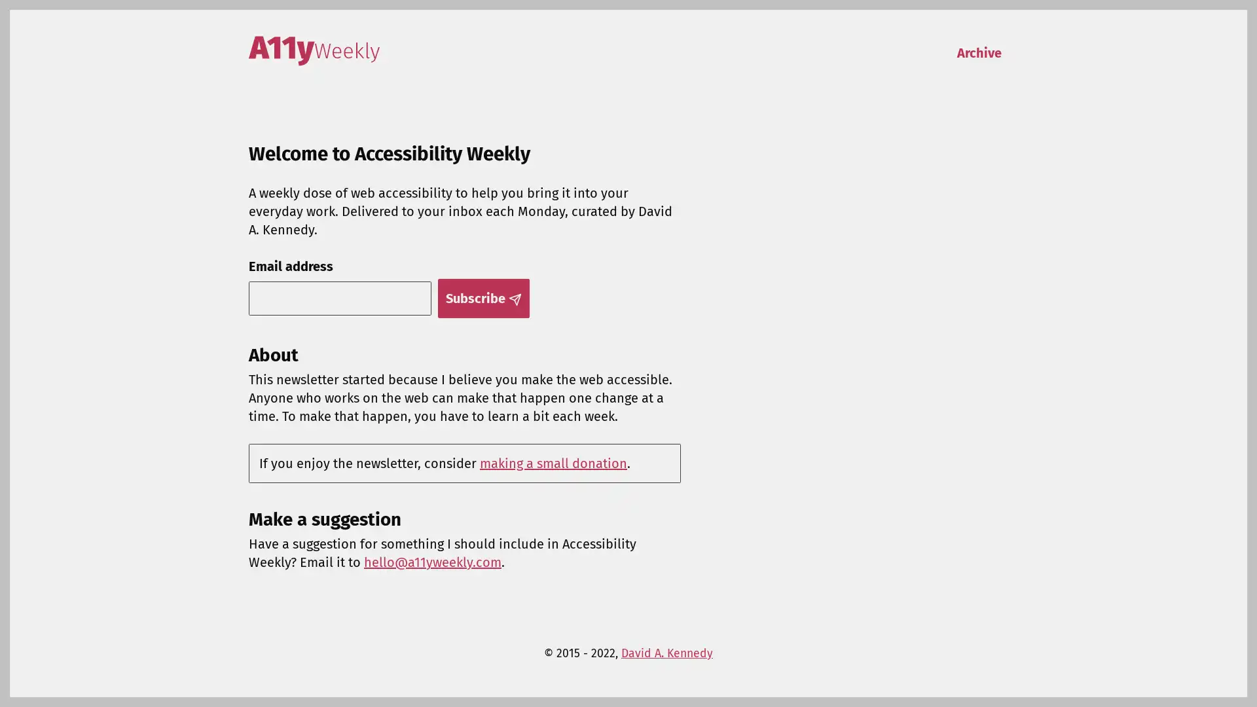 The height and width of the screenshot is (707, 1257). I want to click on Subscribe, so click(483, 298).